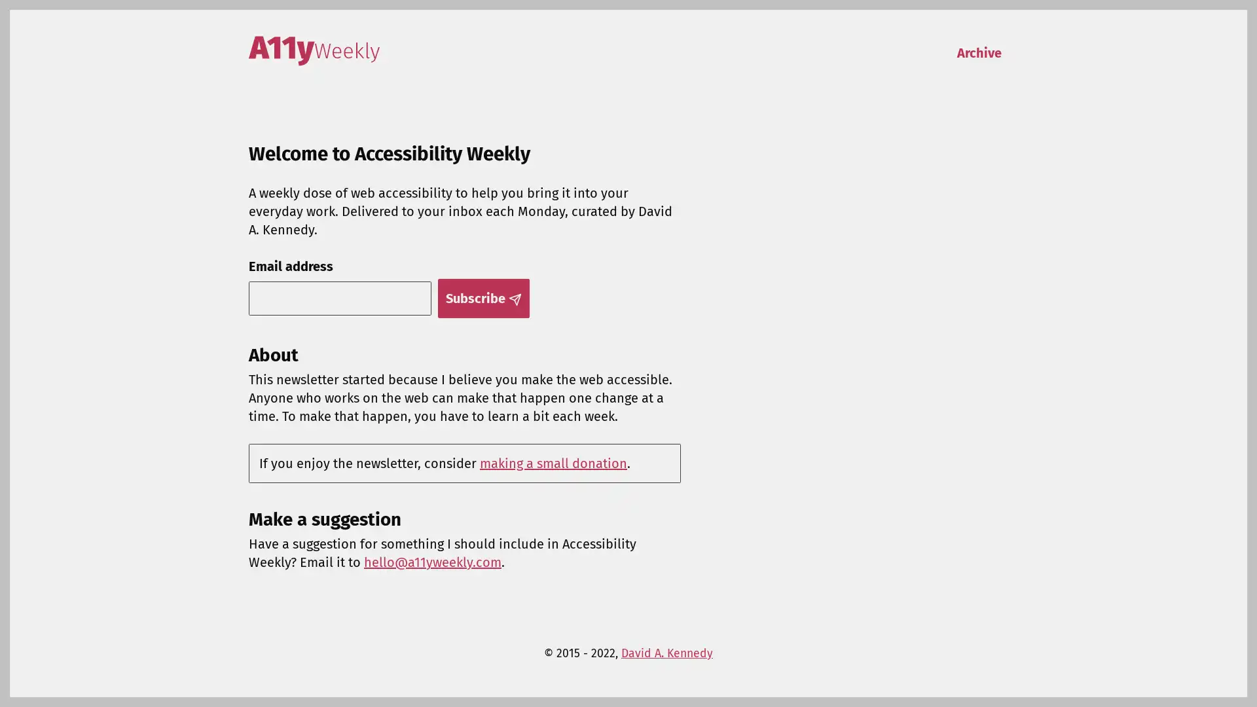 The height and width of the screenshot is (707, 1257). I want to click on Subscribe, so click(483, 298).